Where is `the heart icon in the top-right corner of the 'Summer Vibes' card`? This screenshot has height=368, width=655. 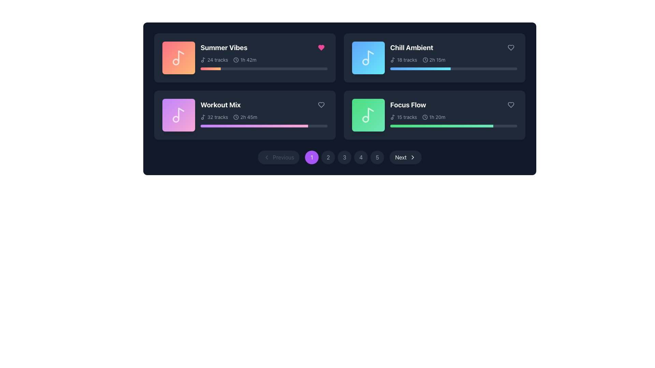 the heart icon in the top-right corner of the 'Summer Vibes' card is located at coordinates (321, 47).